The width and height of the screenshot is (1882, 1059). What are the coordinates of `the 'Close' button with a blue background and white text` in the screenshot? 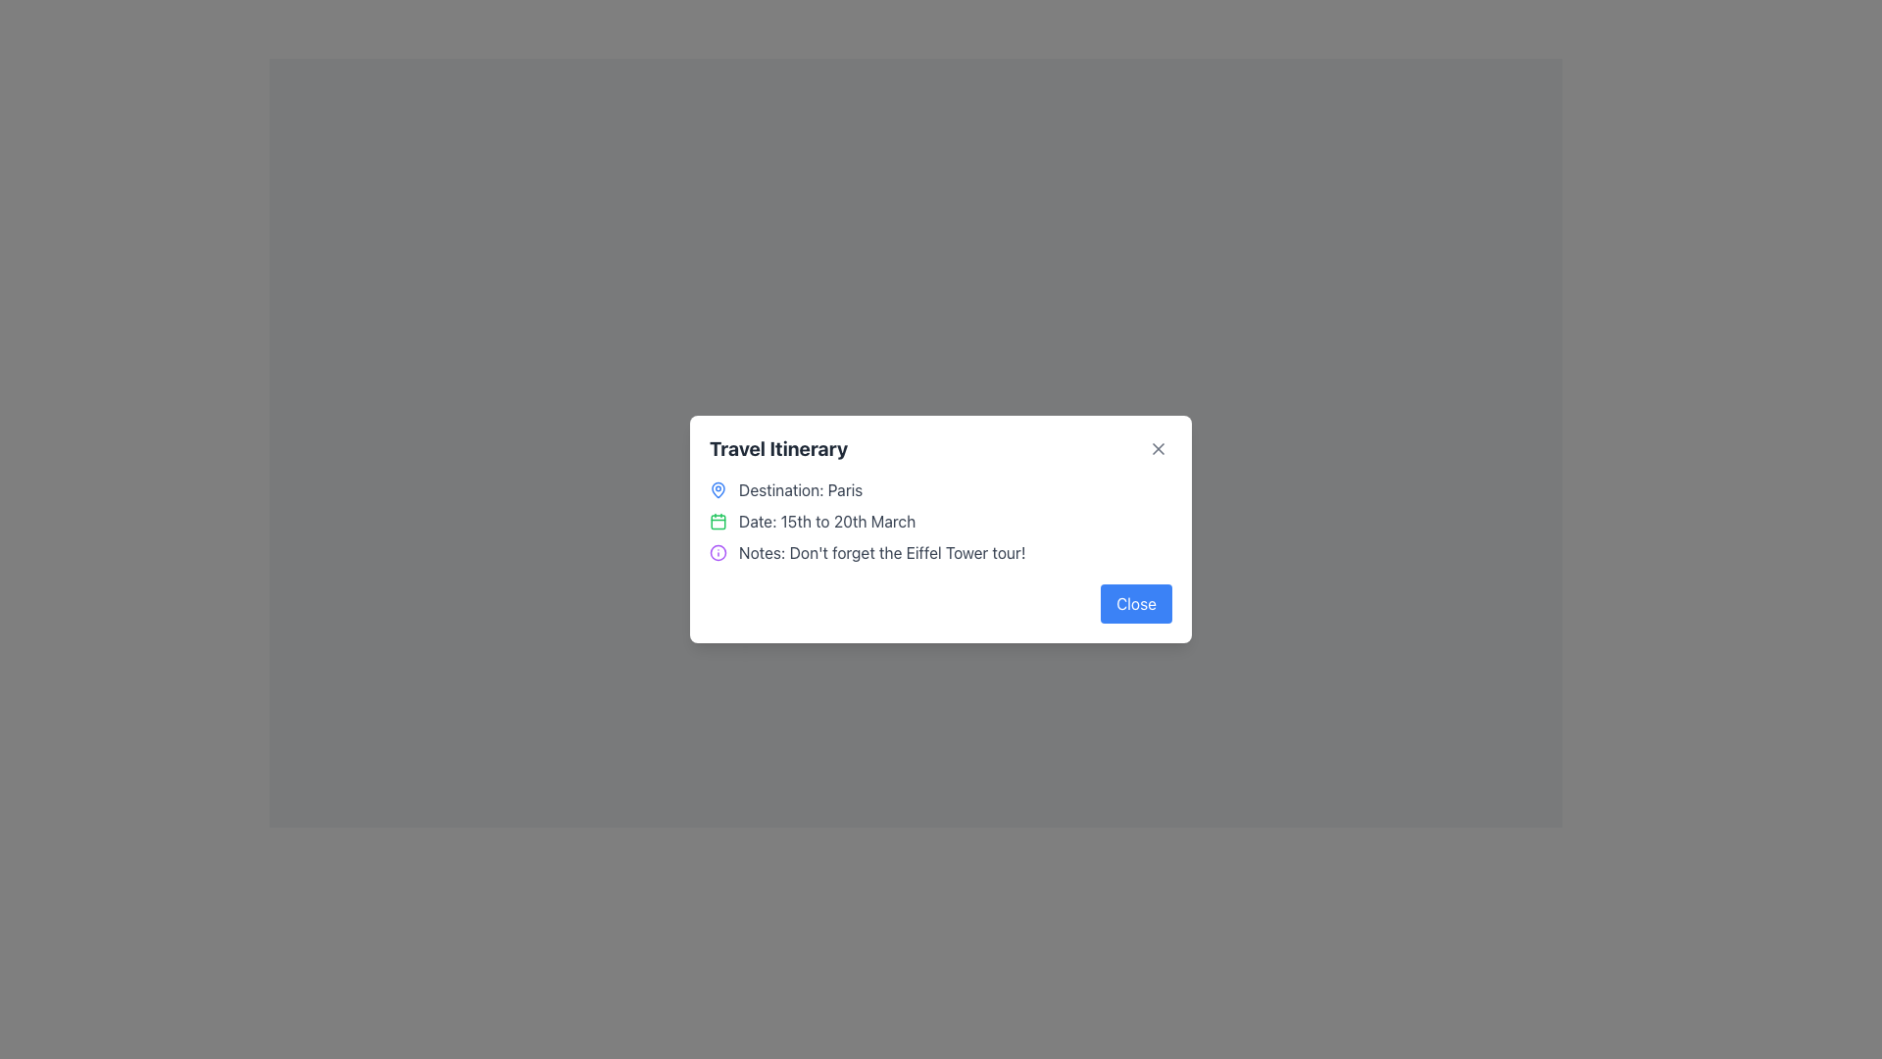 It's located at (1136, 603).